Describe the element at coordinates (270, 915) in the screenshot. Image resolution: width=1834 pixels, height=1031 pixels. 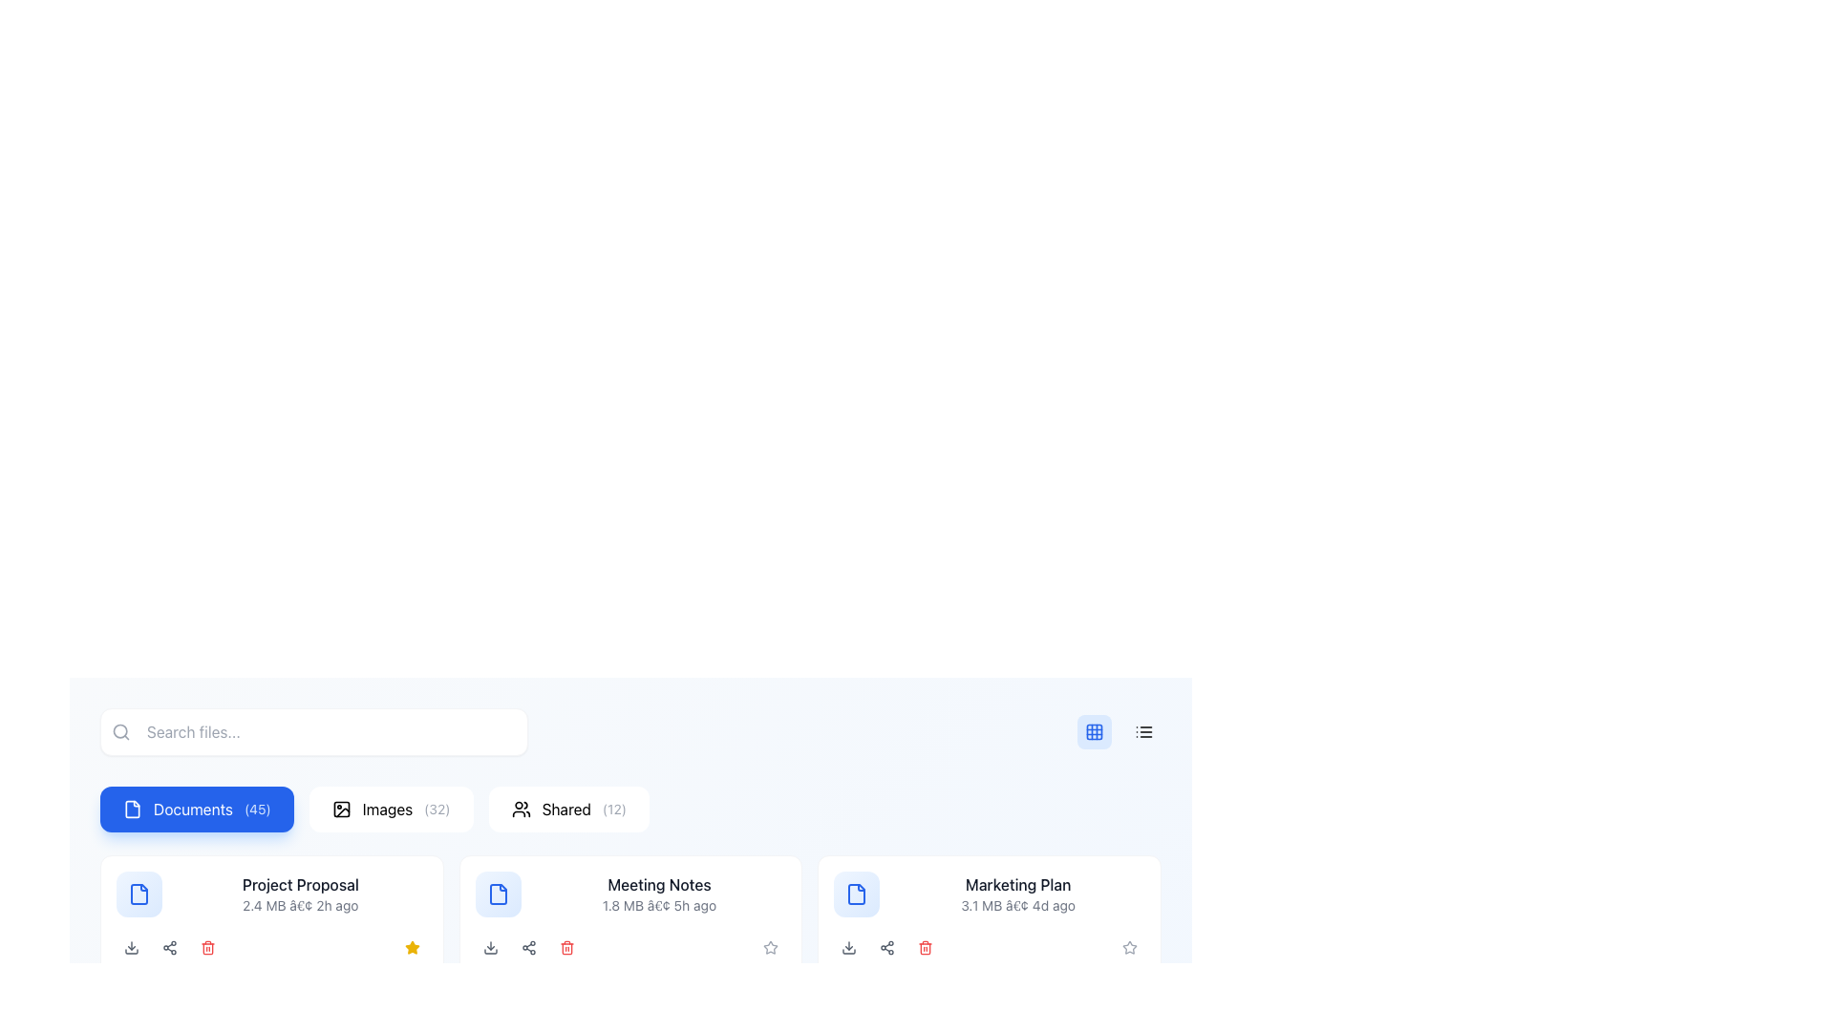
I see `the download icon on the 'Project Proposal' card, which is the first item in the first column of the grid layout` at that location.